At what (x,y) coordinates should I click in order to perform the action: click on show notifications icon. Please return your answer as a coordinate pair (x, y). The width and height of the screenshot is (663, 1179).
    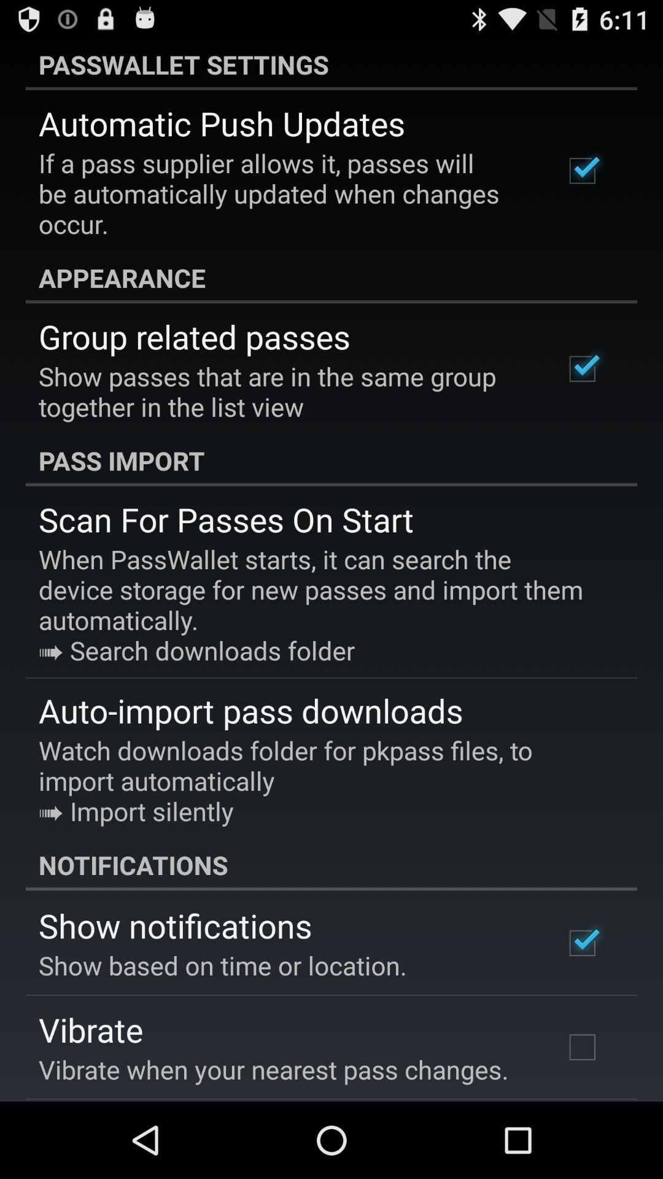
    Looking at the image, I should click on (175, 925).